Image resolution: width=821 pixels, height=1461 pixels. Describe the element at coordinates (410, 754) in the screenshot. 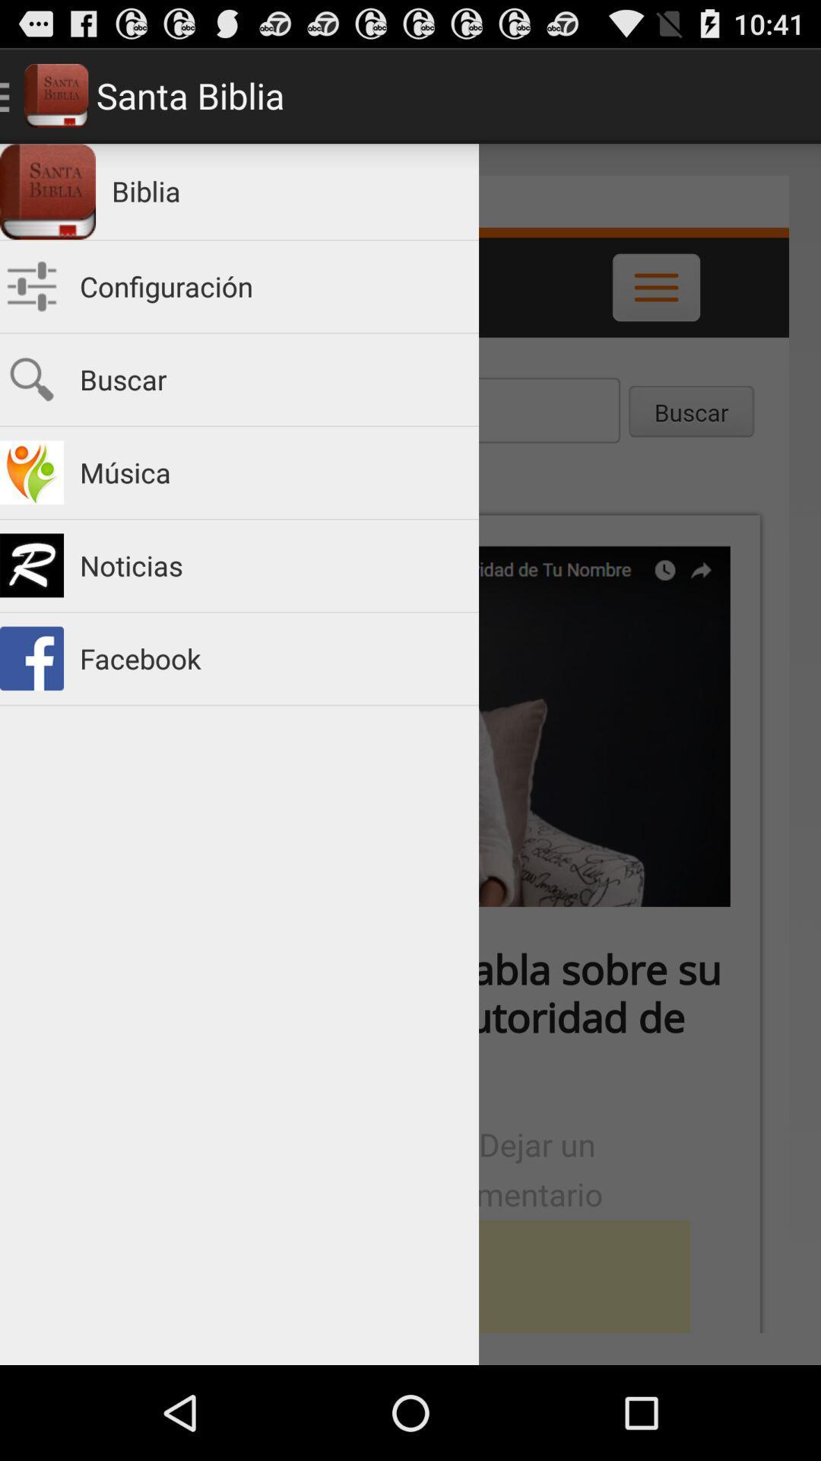

I see `icon at the center` at that location.